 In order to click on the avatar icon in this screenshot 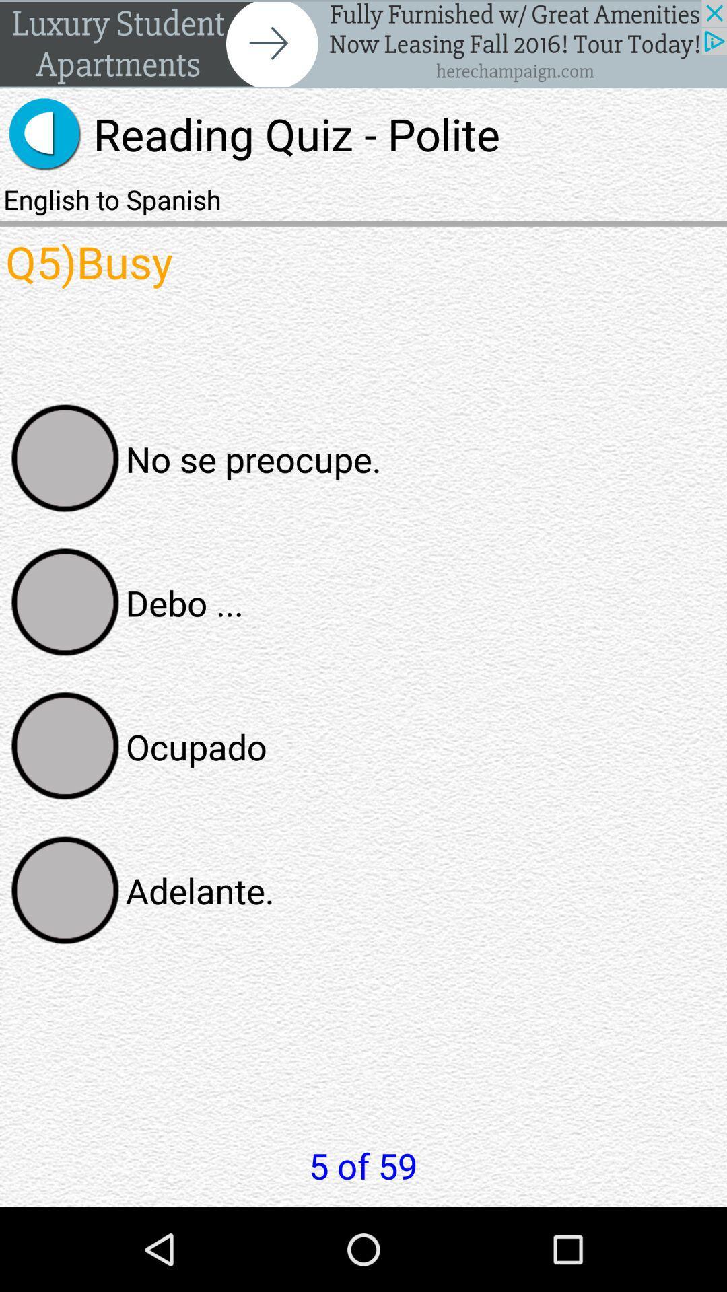, I will do `click(65, 644)`.